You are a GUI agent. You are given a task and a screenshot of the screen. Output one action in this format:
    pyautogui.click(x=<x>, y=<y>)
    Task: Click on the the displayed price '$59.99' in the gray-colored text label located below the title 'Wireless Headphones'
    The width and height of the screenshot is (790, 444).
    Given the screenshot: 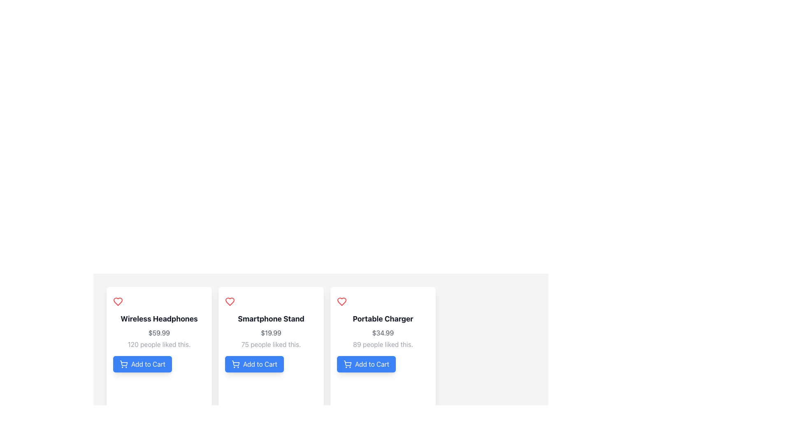 What is the action you would take?
    pyautogui.click(x=159, y=333)
    